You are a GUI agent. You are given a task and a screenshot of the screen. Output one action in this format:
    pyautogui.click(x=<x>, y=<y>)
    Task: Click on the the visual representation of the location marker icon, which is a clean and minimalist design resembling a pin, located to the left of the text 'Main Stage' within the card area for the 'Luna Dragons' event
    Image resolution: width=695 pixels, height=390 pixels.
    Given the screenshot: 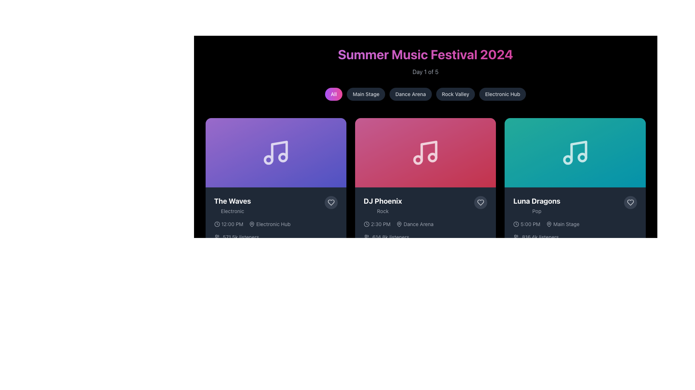 What is the action you would take?
    pyautogui.click(x=549, y=224)
    